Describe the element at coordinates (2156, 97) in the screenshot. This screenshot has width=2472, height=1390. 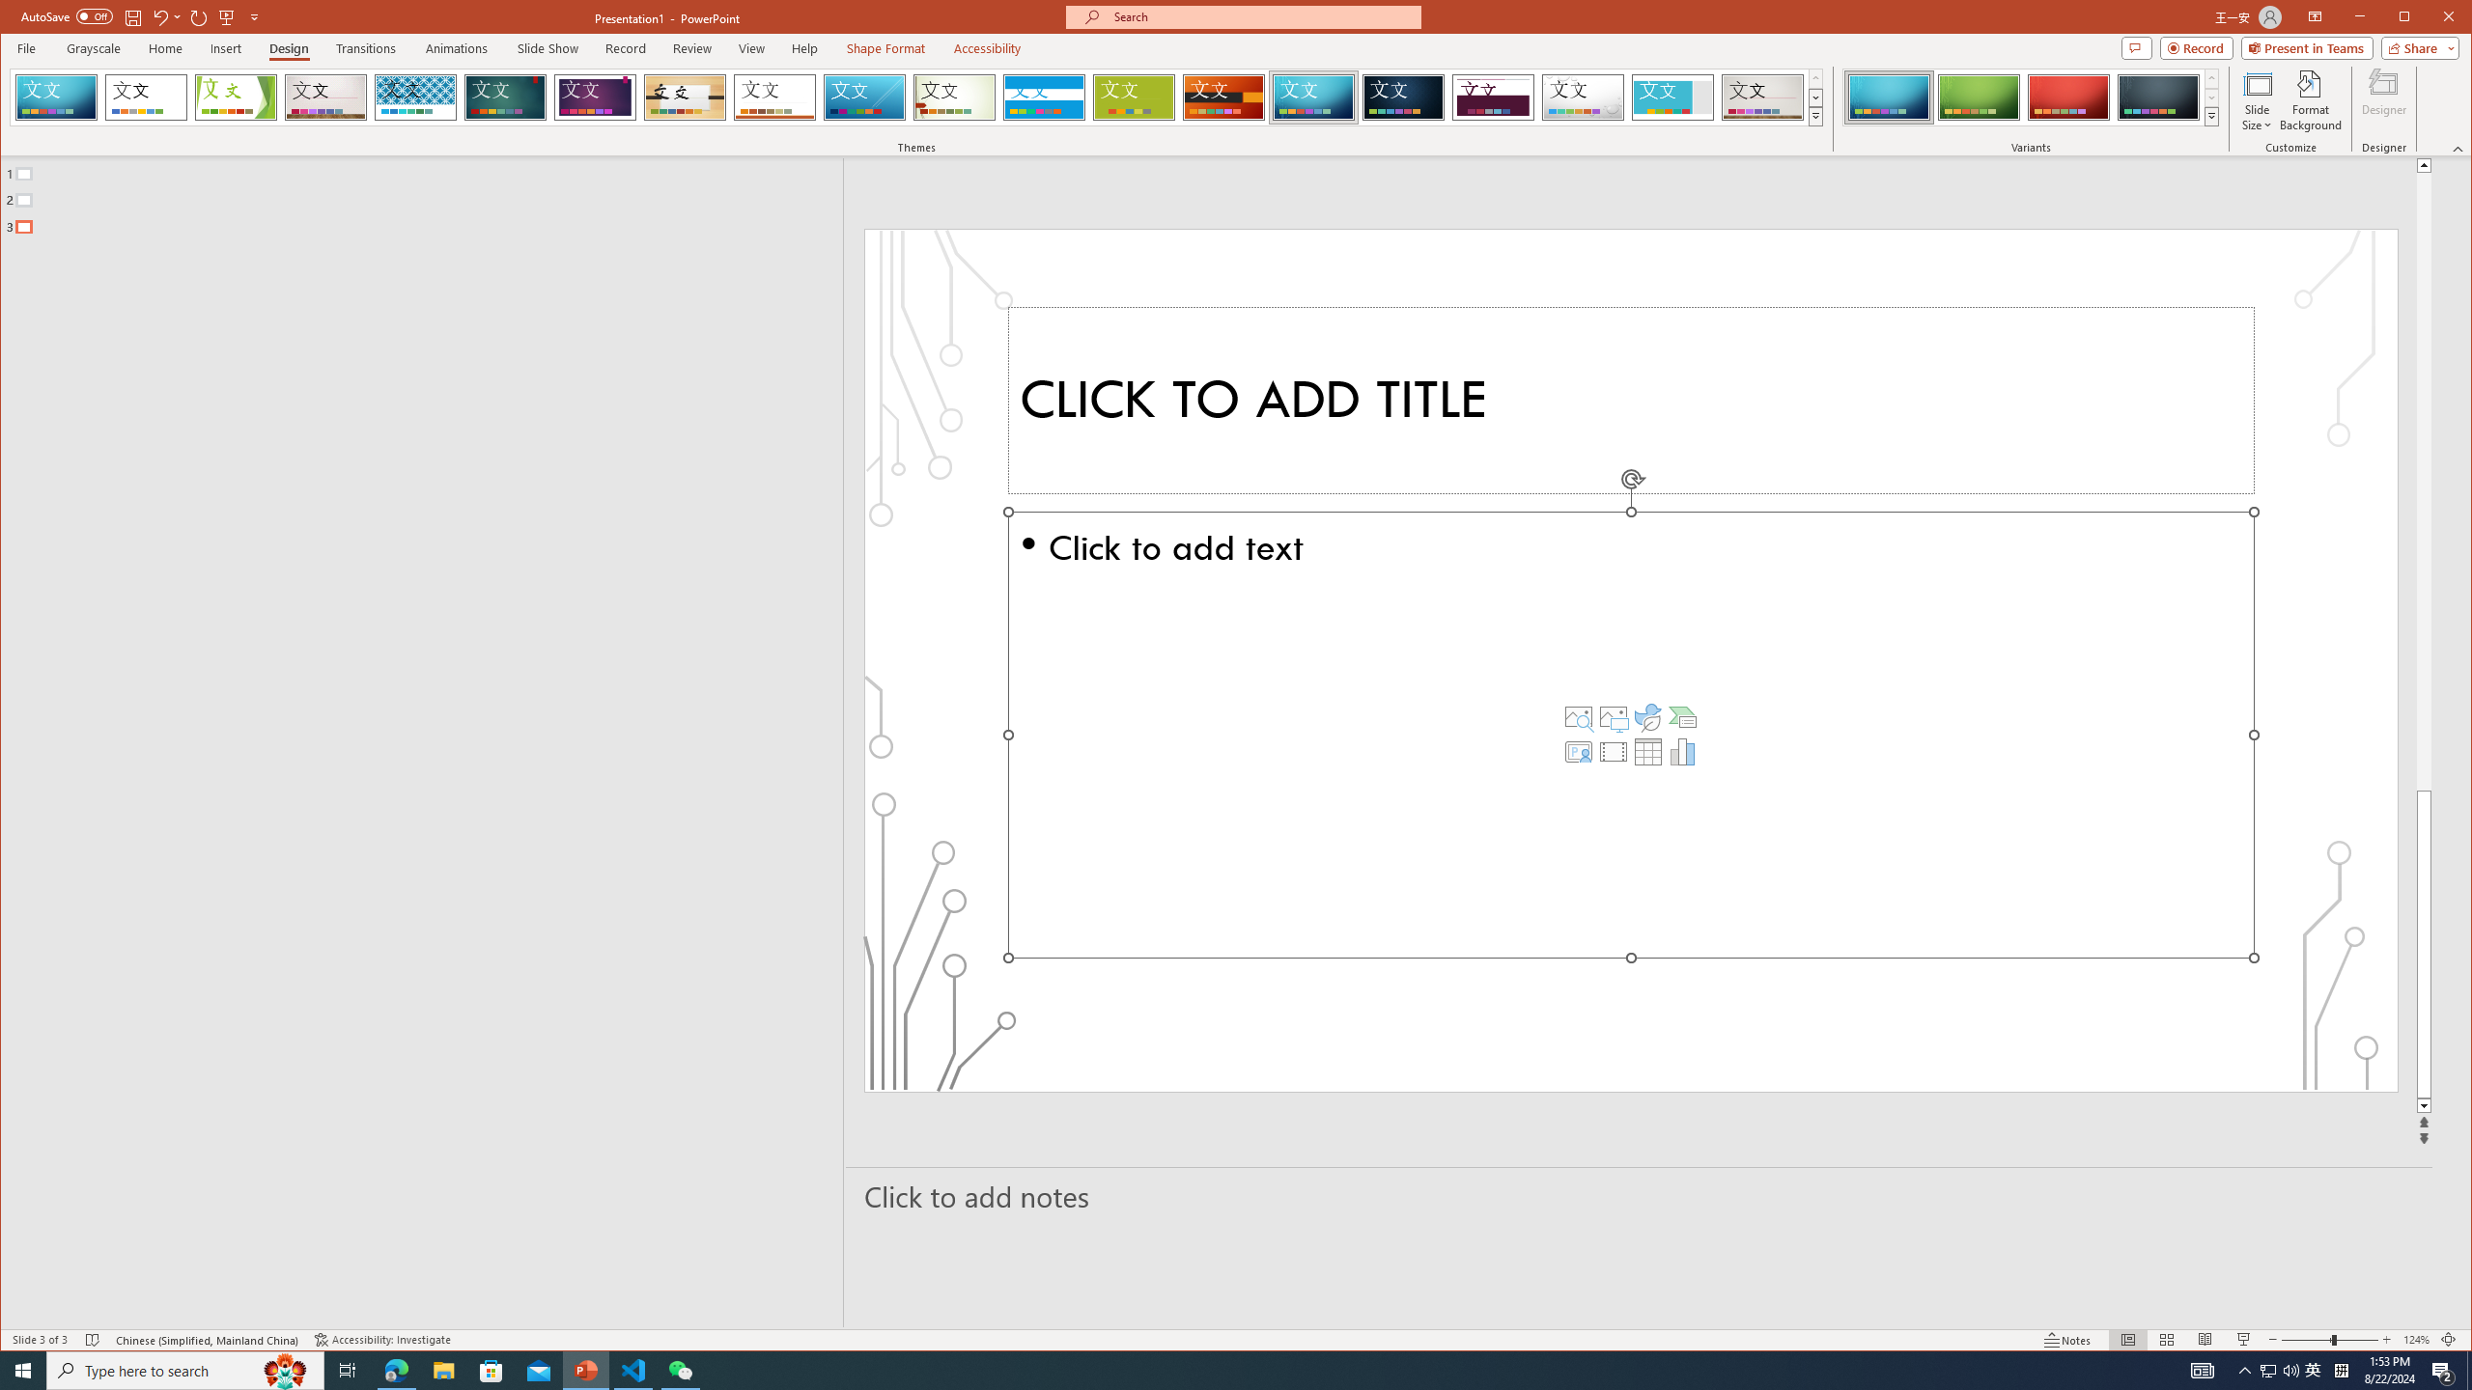
I see `'Circuit Variant 4'` at that location.